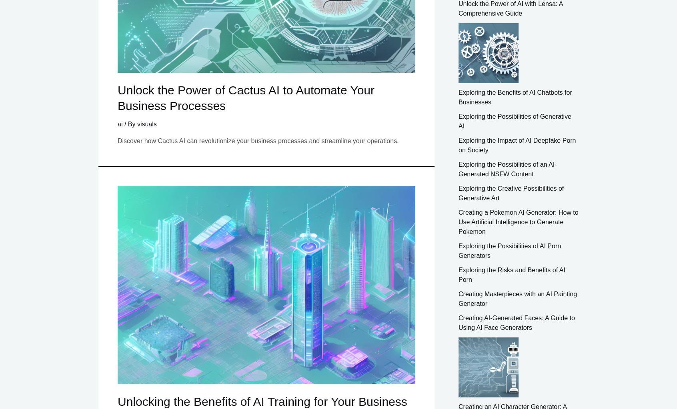  Describe the element at coordinates (258, 141) in the screenshot. I see `'Discover how Cactus AI can revolutionize your business processes and streamline your operations.'` at that location.